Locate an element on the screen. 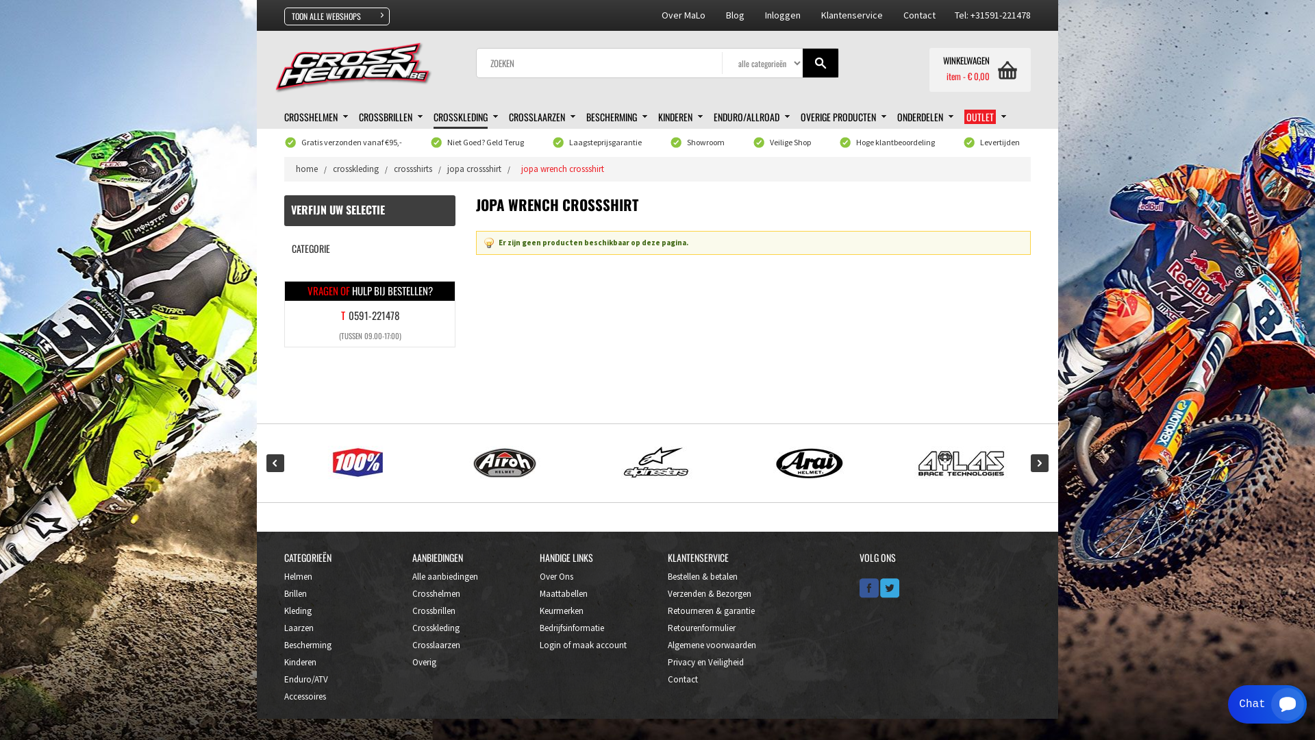  'Blog' is located at coordinates (734, 15).